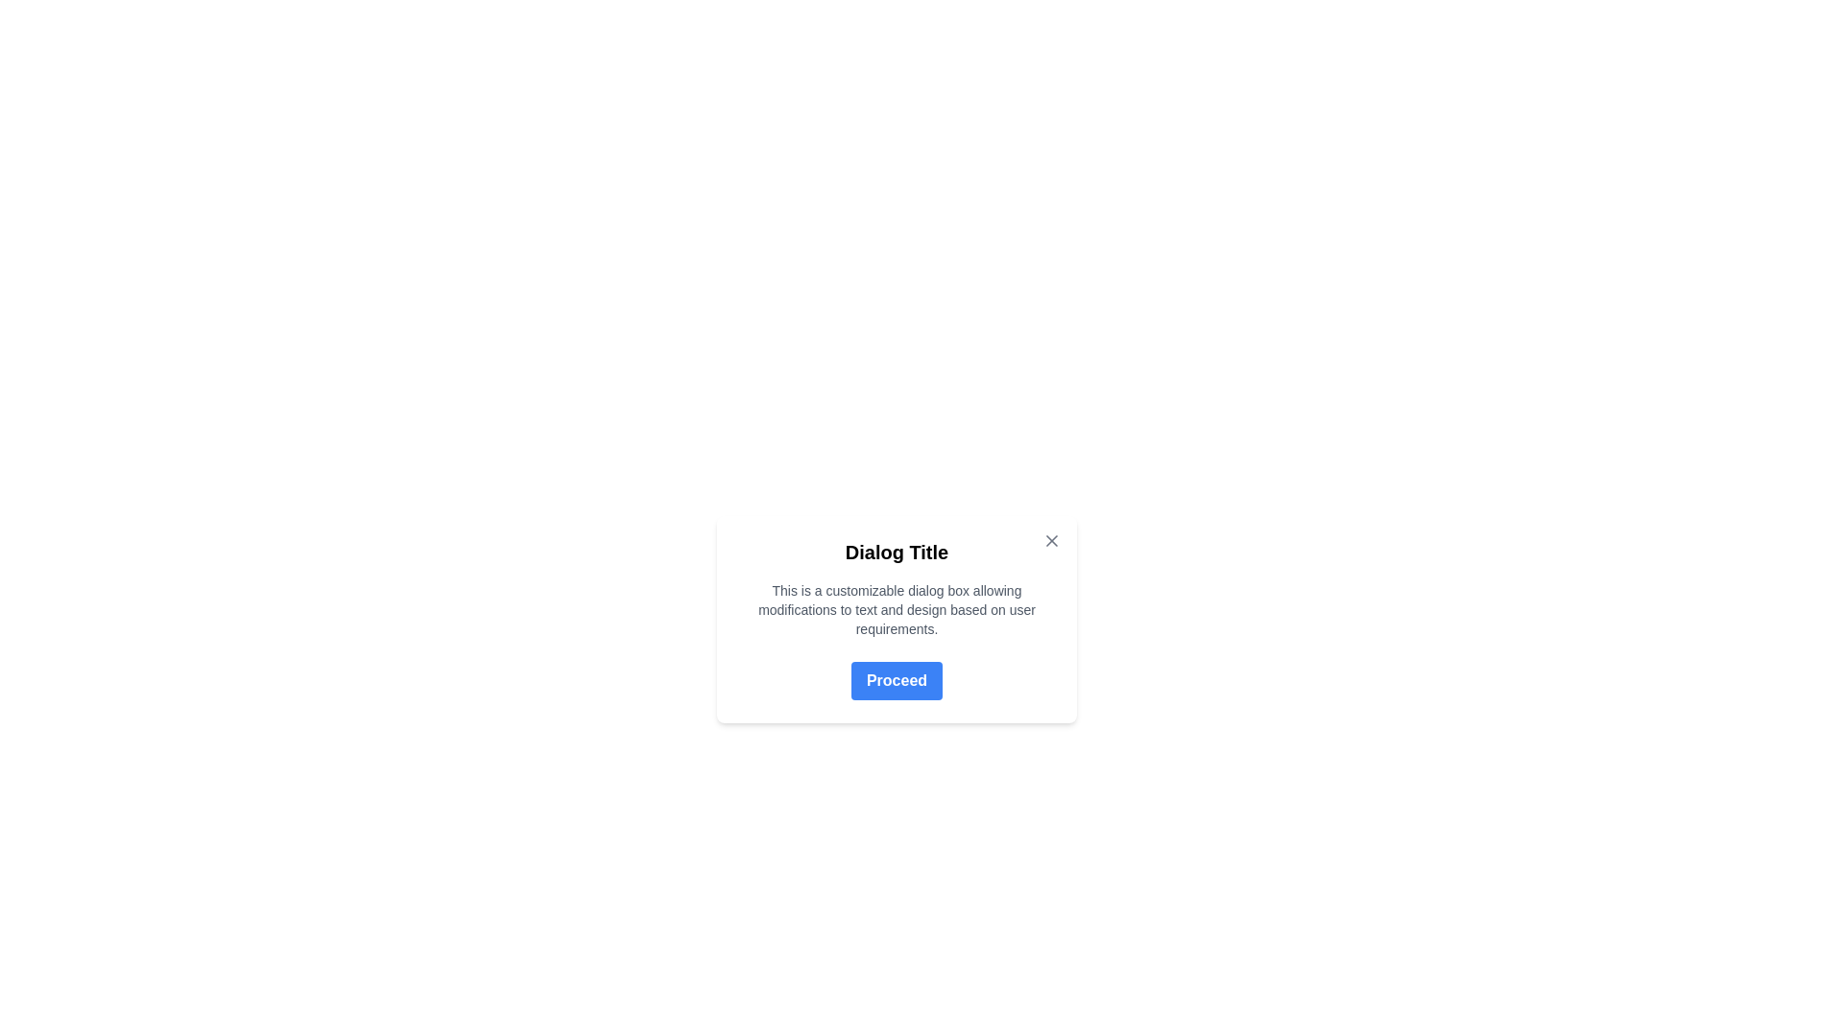 The width and height of the screenshot is (1843, 1036). I want to click on the interactive button at the bottom of the dialog box to confirm the action and proceed further, so click(896, 679).